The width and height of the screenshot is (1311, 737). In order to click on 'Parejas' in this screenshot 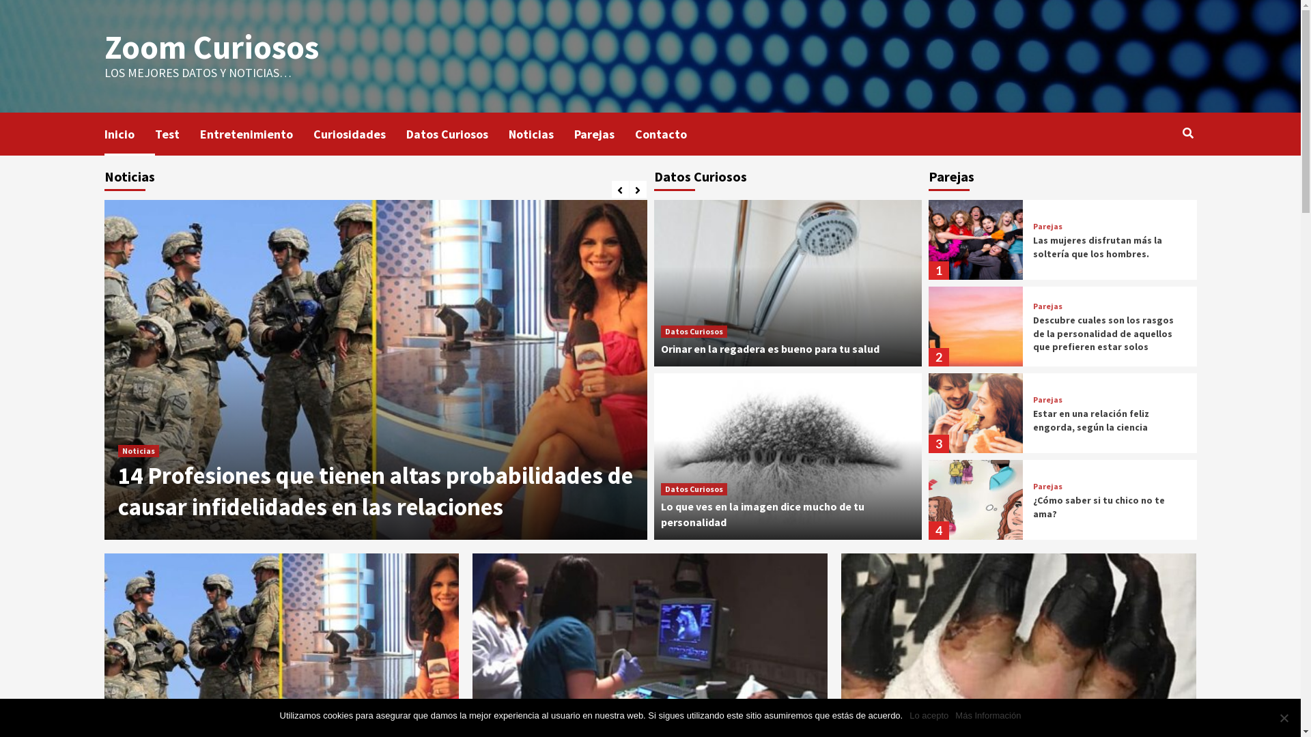, I will do `click(1047, 225)`.